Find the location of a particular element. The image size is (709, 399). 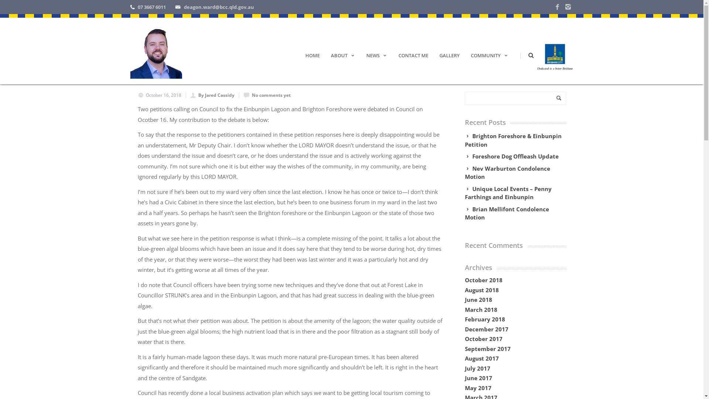

'Facebook' is located at coordinates (551, 7).